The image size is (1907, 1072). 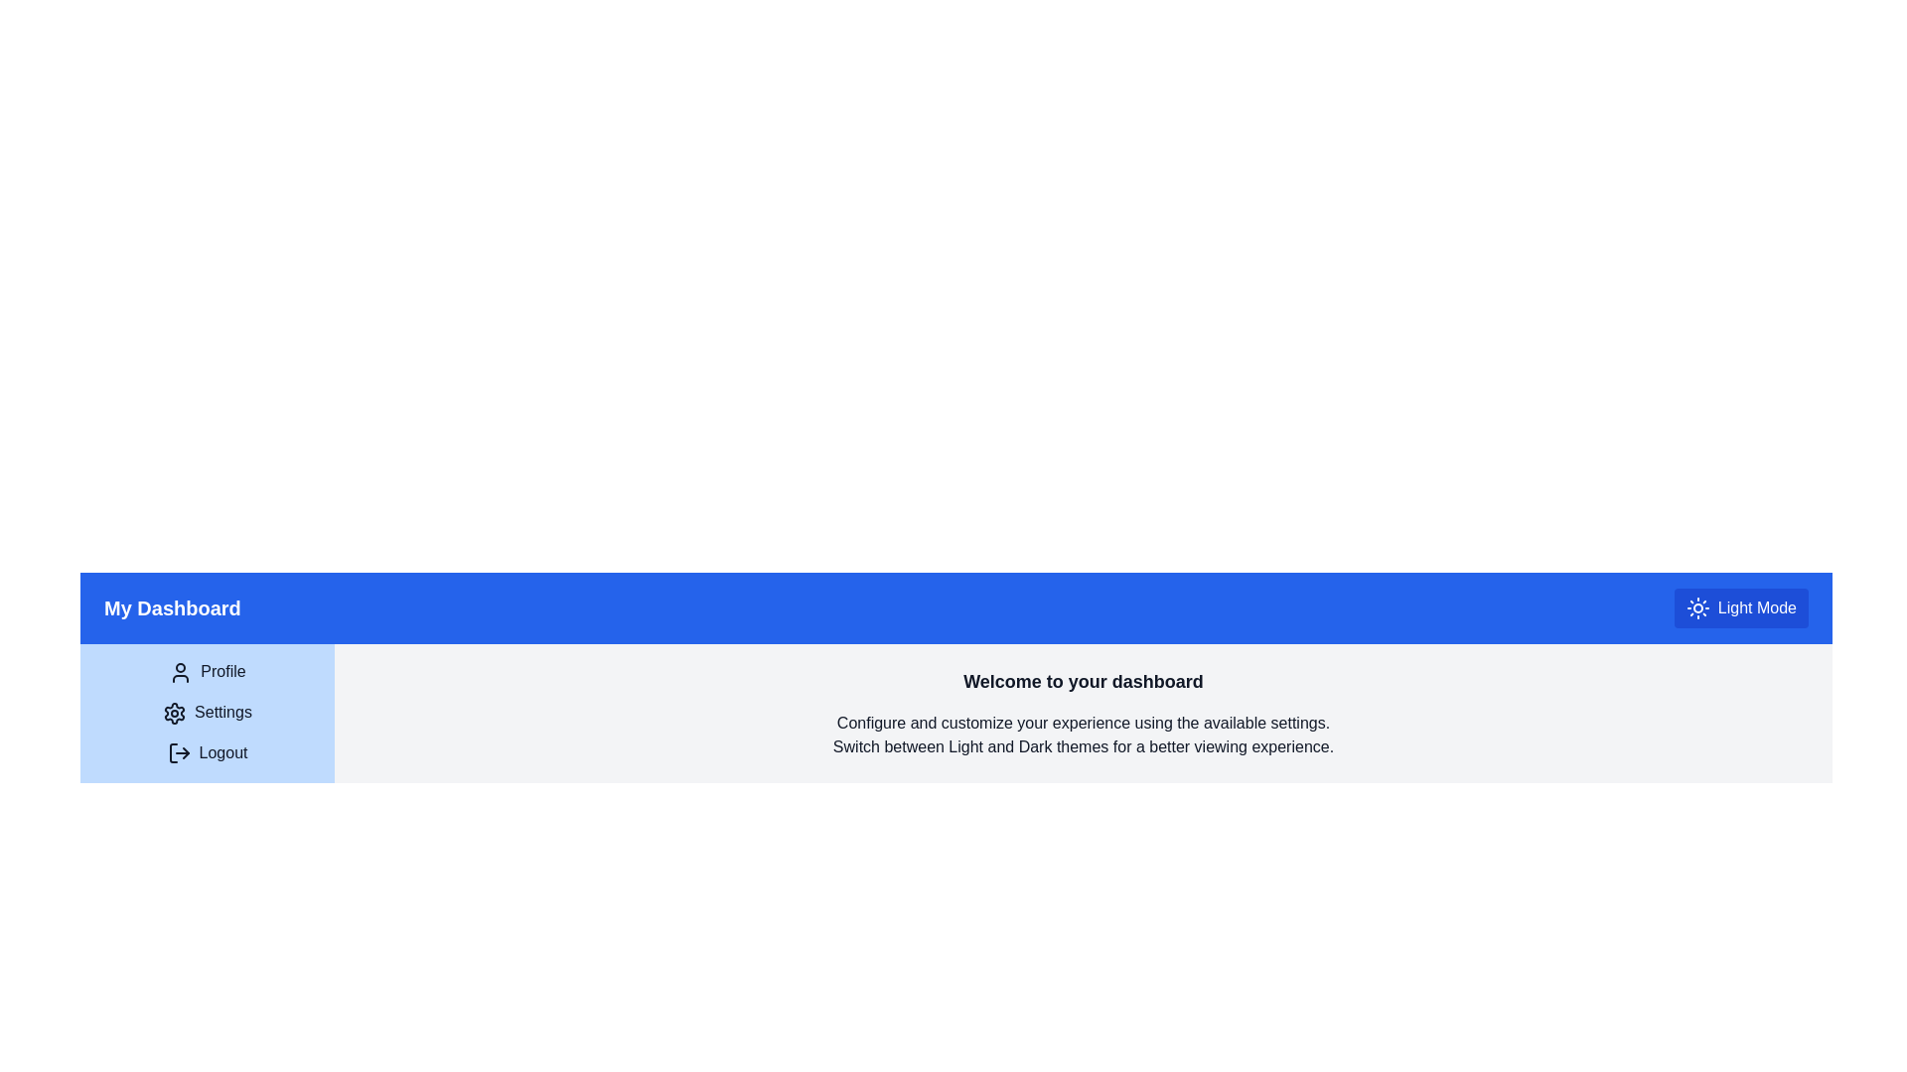 What do you see at coordinates (1740, 607) in the screenshot?
I see `the blue button with a sun icon and 'Light Mode' text in the top-right corner of the 'My Dashboard' header` at bounding box center [1740, 607].